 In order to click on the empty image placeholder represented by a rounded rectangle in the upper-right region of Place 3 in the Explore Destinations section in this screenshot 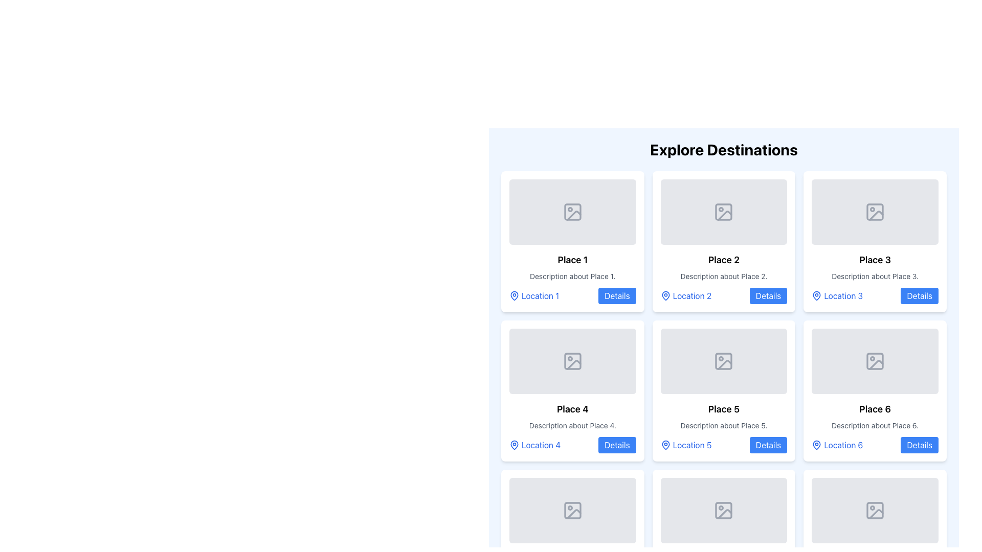, I will do `click(875, 212)`.